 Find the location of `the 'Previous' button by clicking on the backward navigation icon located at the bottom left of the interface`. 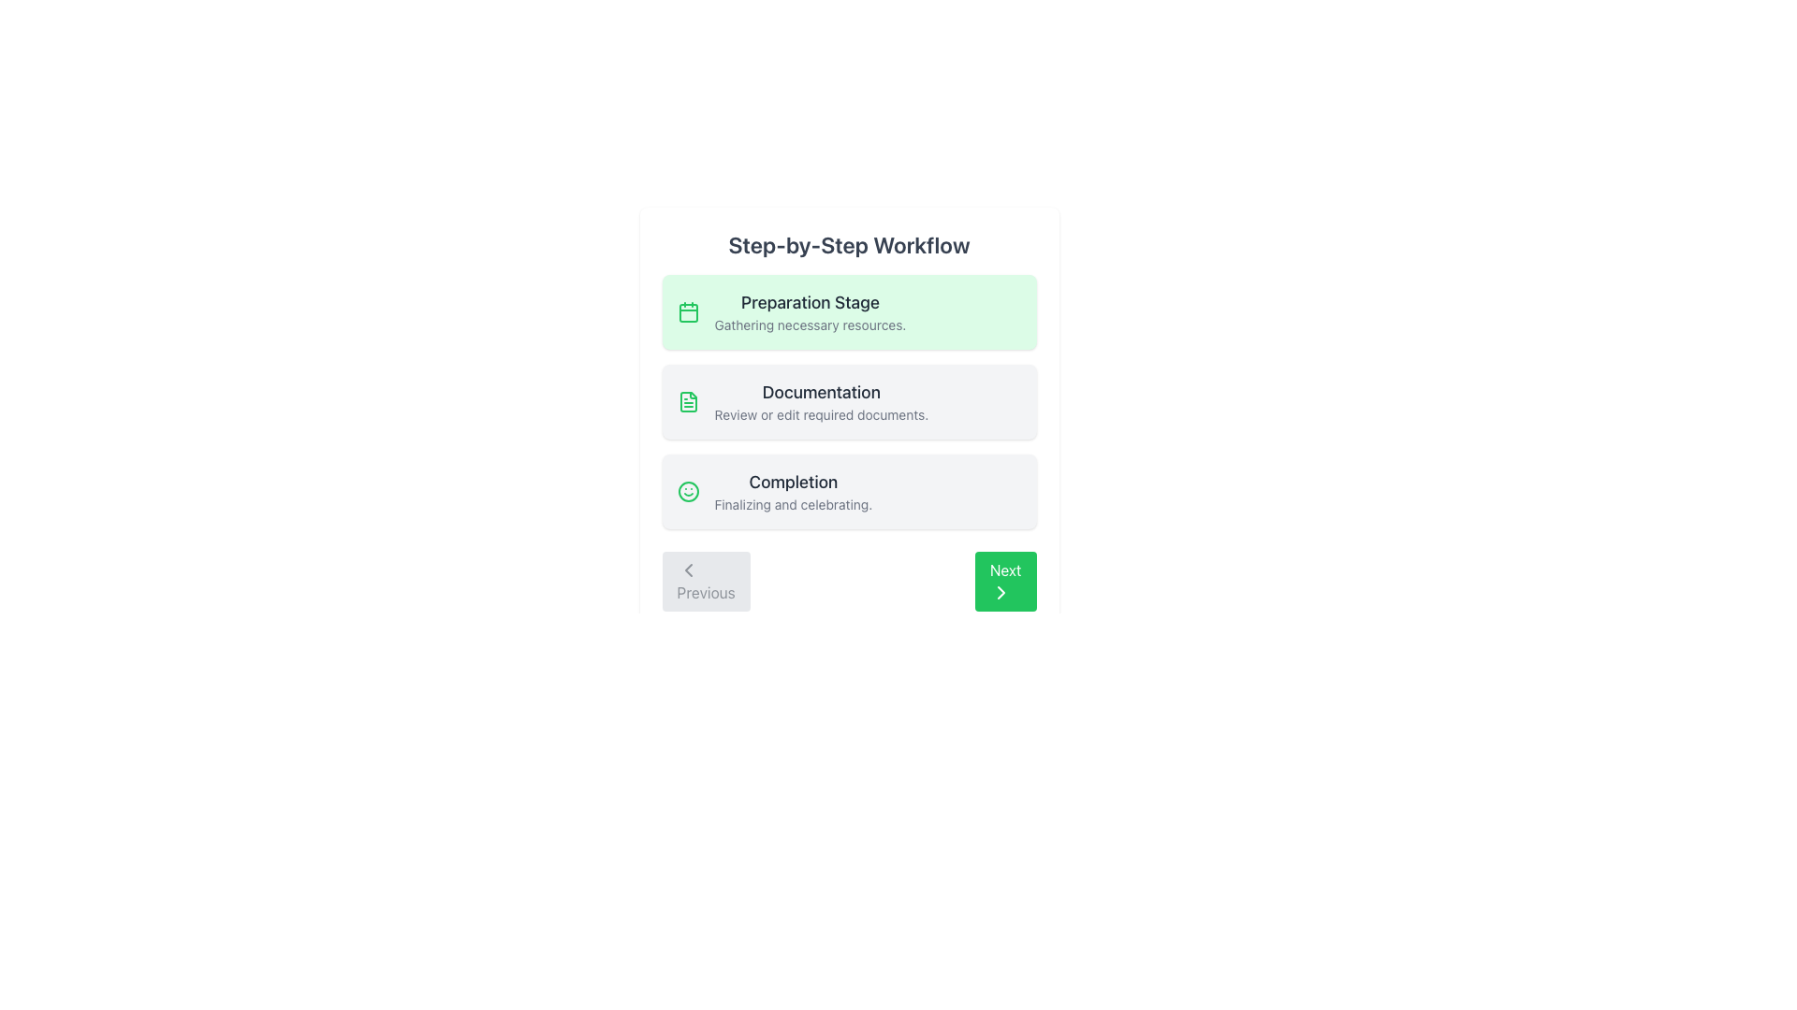

the 'Previous' button by clicking on the backward navigation icon located at the bottom left of the interface is located at coordinates (687, 569).